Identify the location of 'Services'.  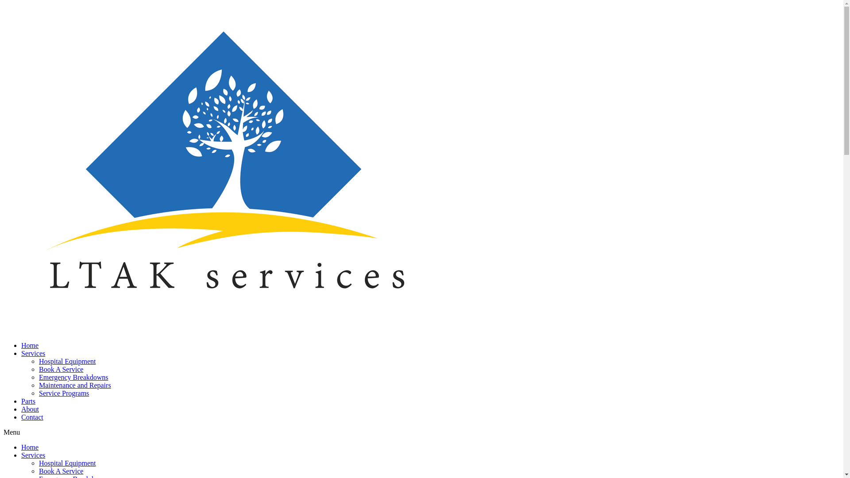
(33, 353).